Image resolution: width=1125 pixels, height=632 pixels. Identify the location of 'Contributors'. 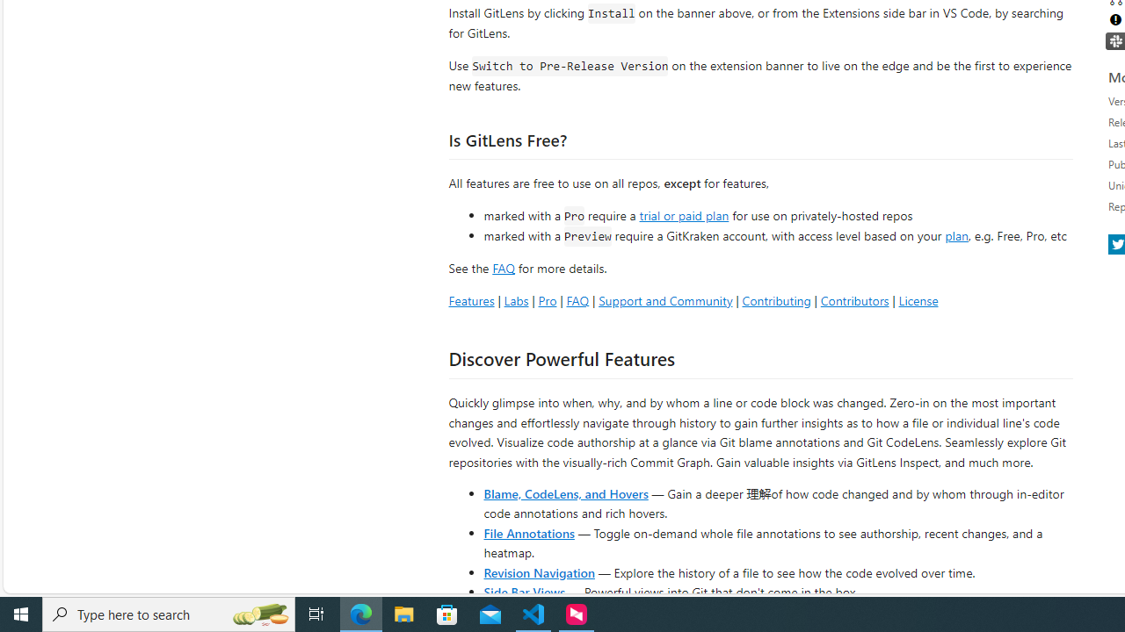
(854, 299).